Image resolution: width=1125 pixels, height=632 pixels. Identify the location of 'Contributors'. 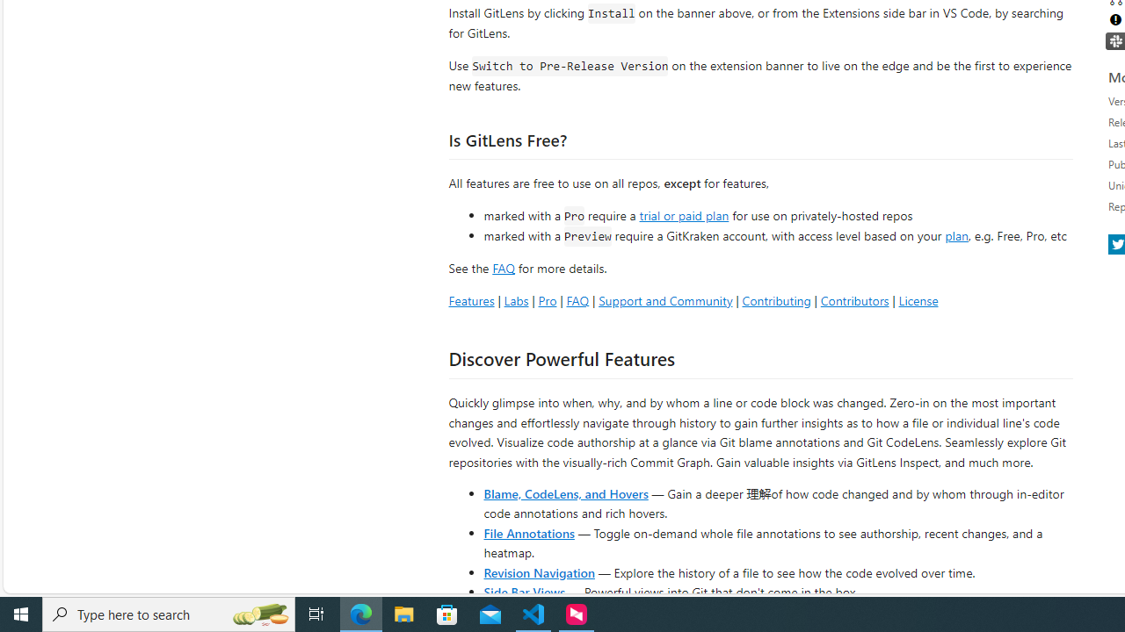
(854, 299).